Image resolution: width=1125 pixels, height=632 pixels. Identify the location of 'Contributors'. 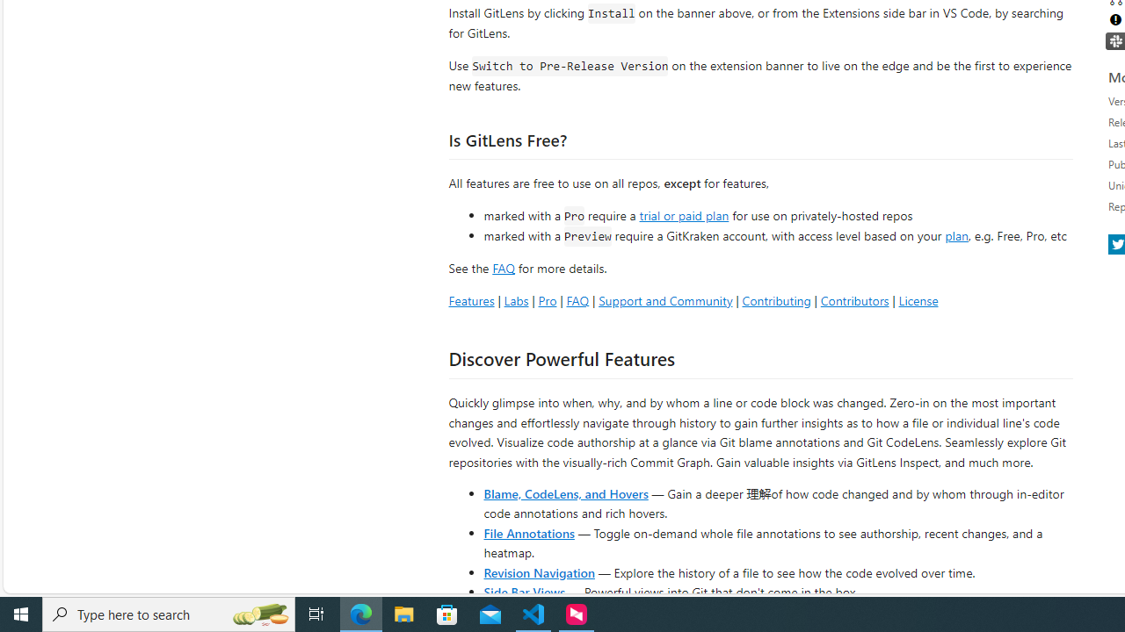
(854, 299).